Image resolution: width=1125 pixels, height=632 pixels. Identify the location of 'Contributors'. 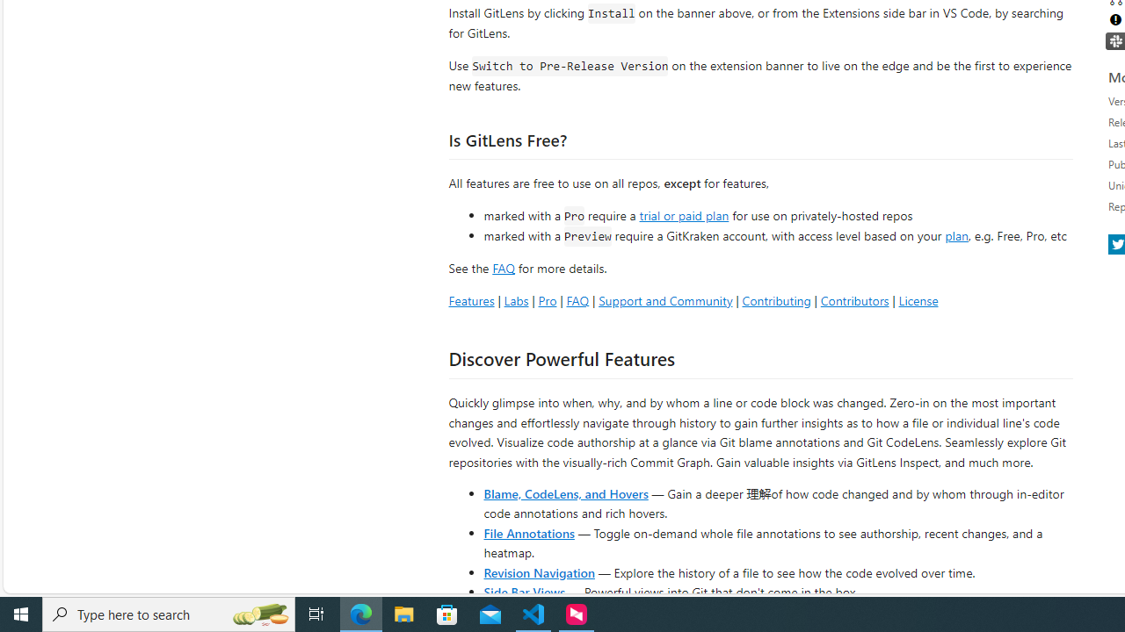
(854, 299).